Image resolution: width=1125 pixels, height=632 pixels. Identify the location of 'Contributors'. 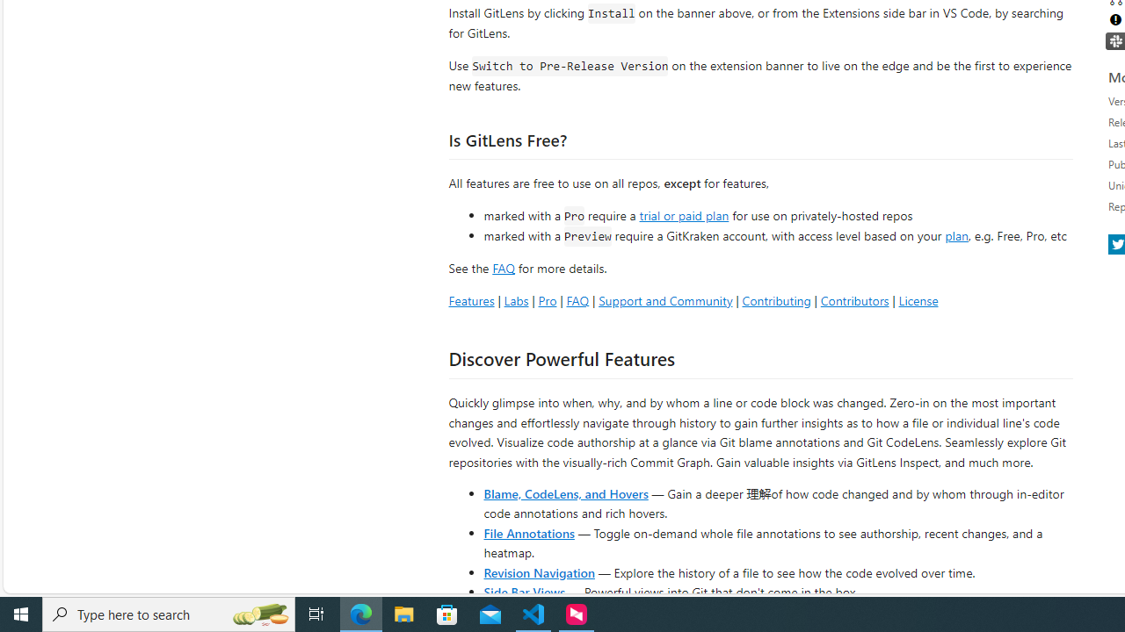
(854, 299).